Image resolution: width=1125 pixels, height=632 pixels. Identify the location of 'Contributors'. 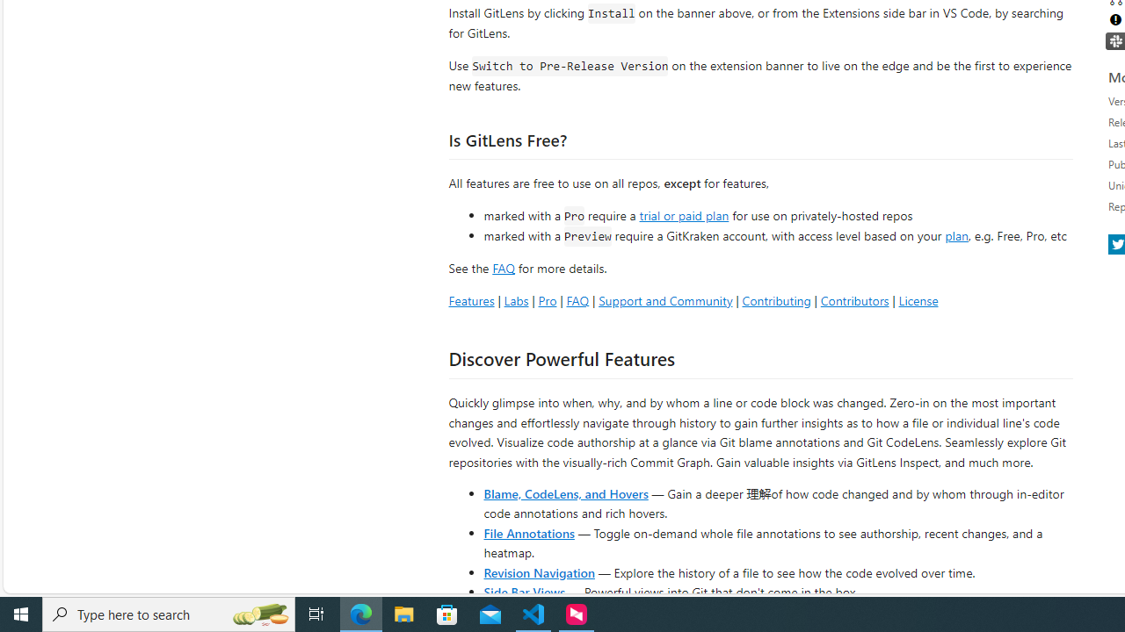
(854, 299).